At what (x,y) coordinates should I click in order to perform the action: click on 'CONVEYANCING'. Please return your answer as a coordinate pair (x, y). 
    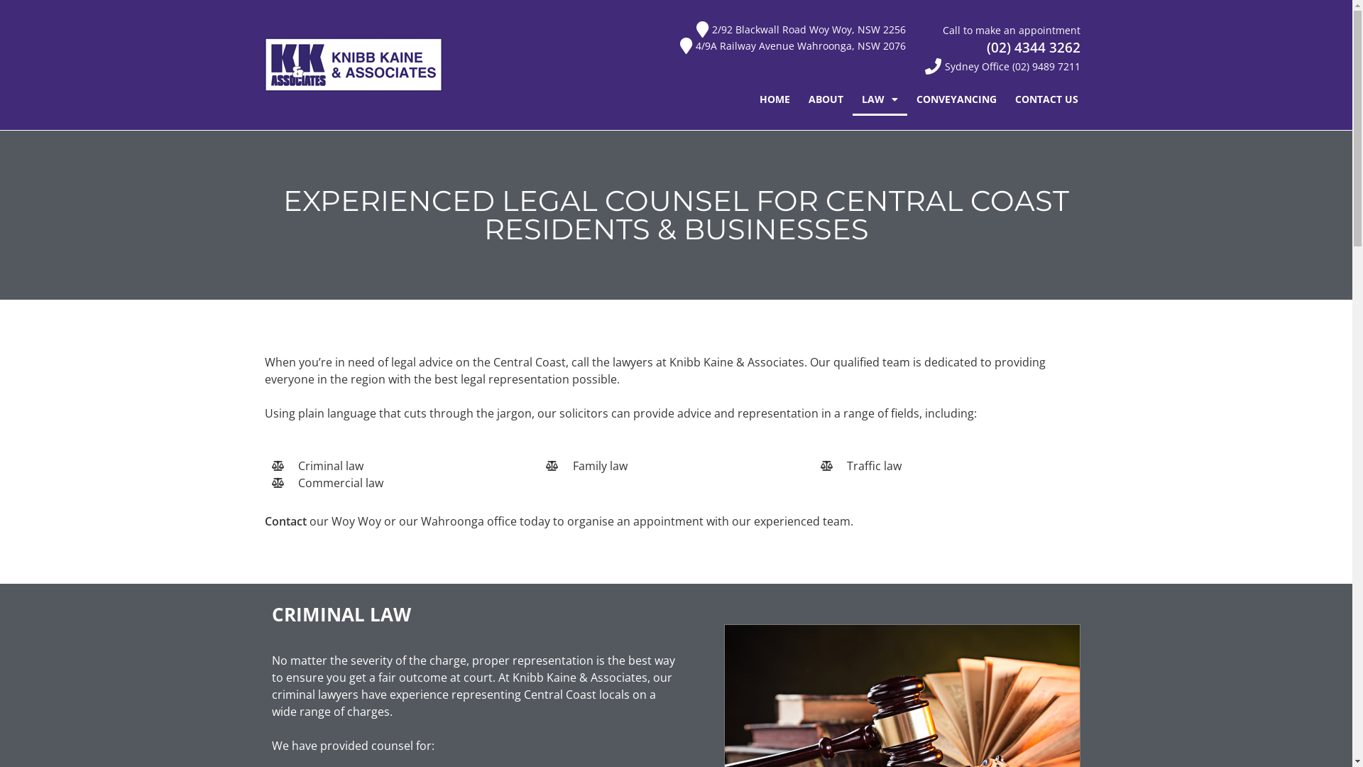
    Looking at the image, I should click on (956, 98).